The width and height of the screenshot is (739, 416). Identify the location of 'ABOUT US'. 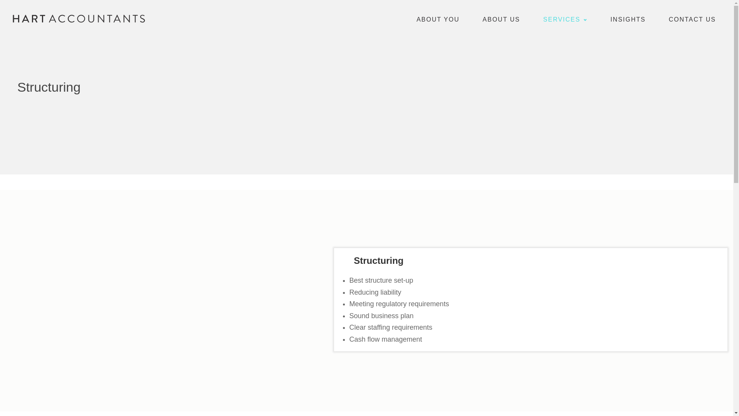
(501, 18).